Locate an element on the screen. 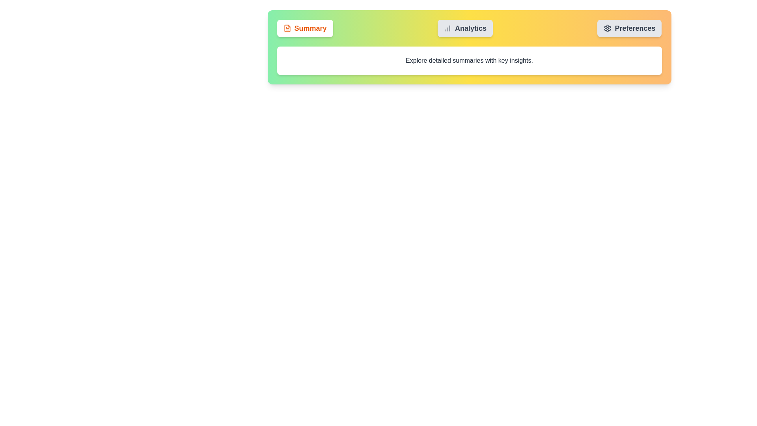 Image resolution: width=757 pixels, height=426 pixels. the text label that reads 'Explore detailed summaries with key insights.' which is styled in a medium font weight with a dark gray color on a white background is located at coordinates (469, 60).